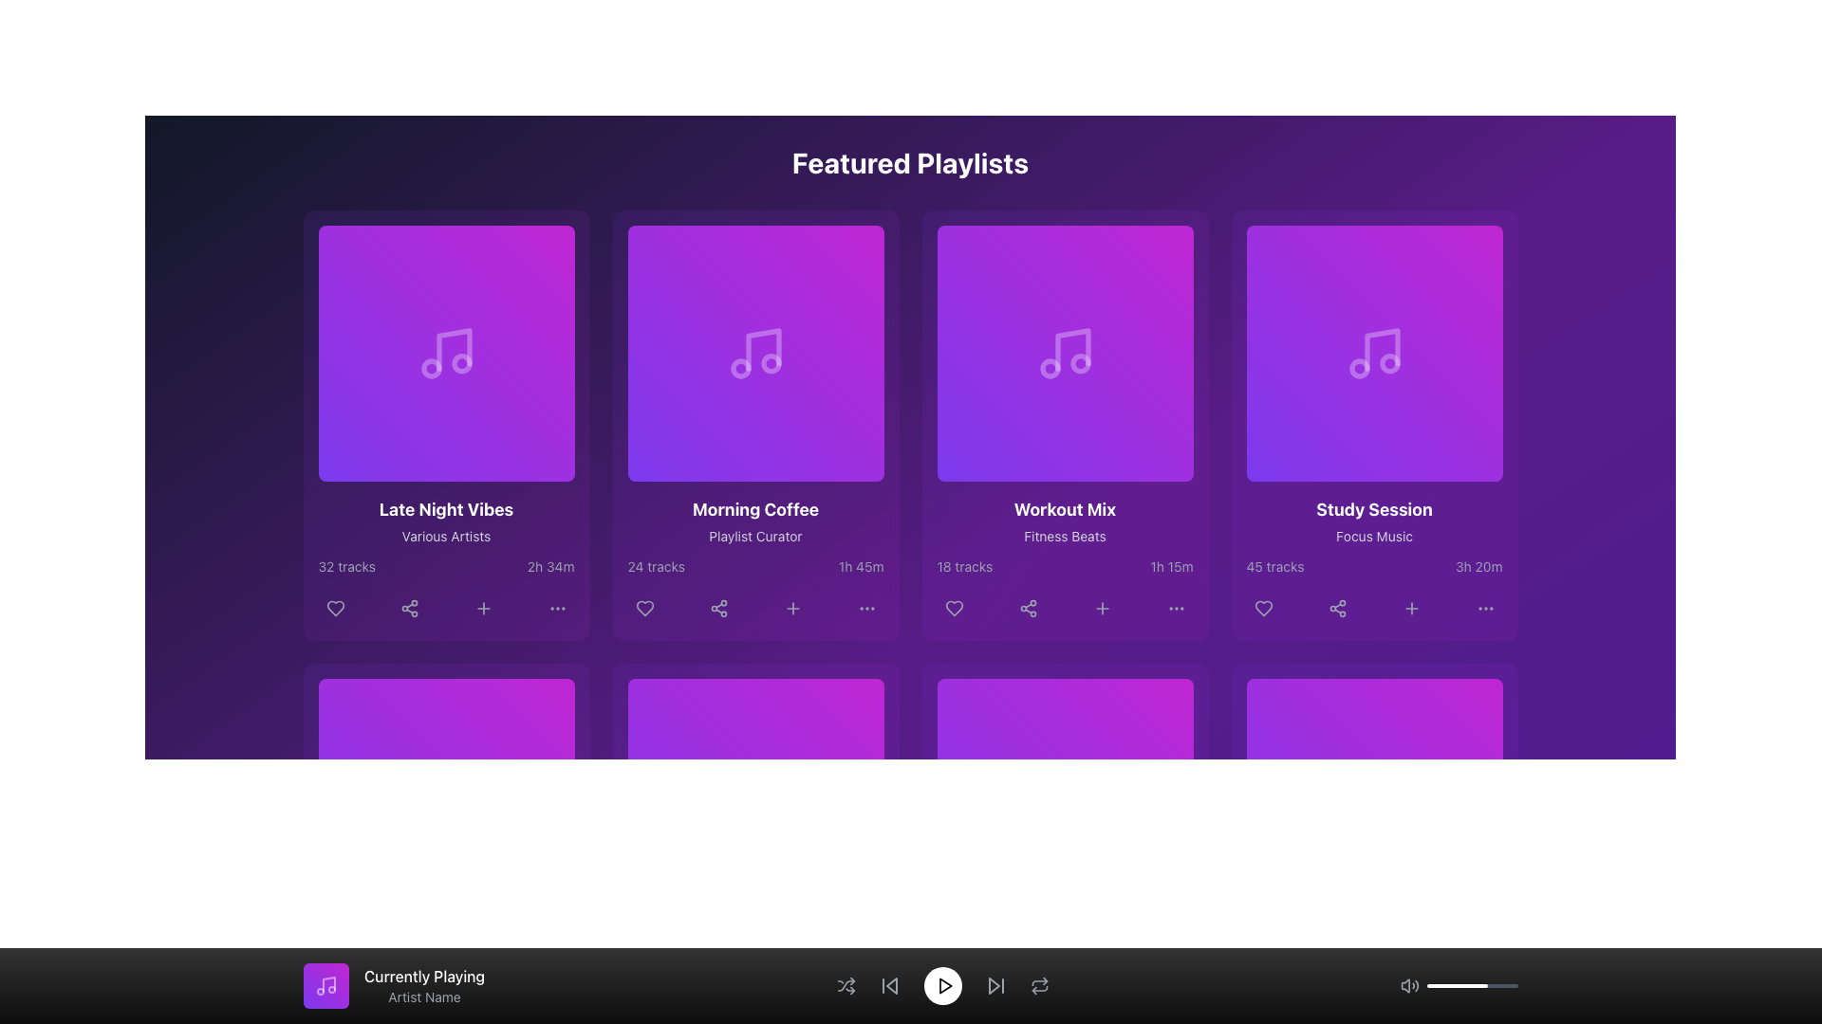 This screenshot has width=1822, height=1024. Describe the element at coordinates (1170, 565) in the screenshot. I see `the text label that displays the total duration of the tracks in the 'Workout Mix' playlist, located in the lower right portion of the playlist card` at that location.